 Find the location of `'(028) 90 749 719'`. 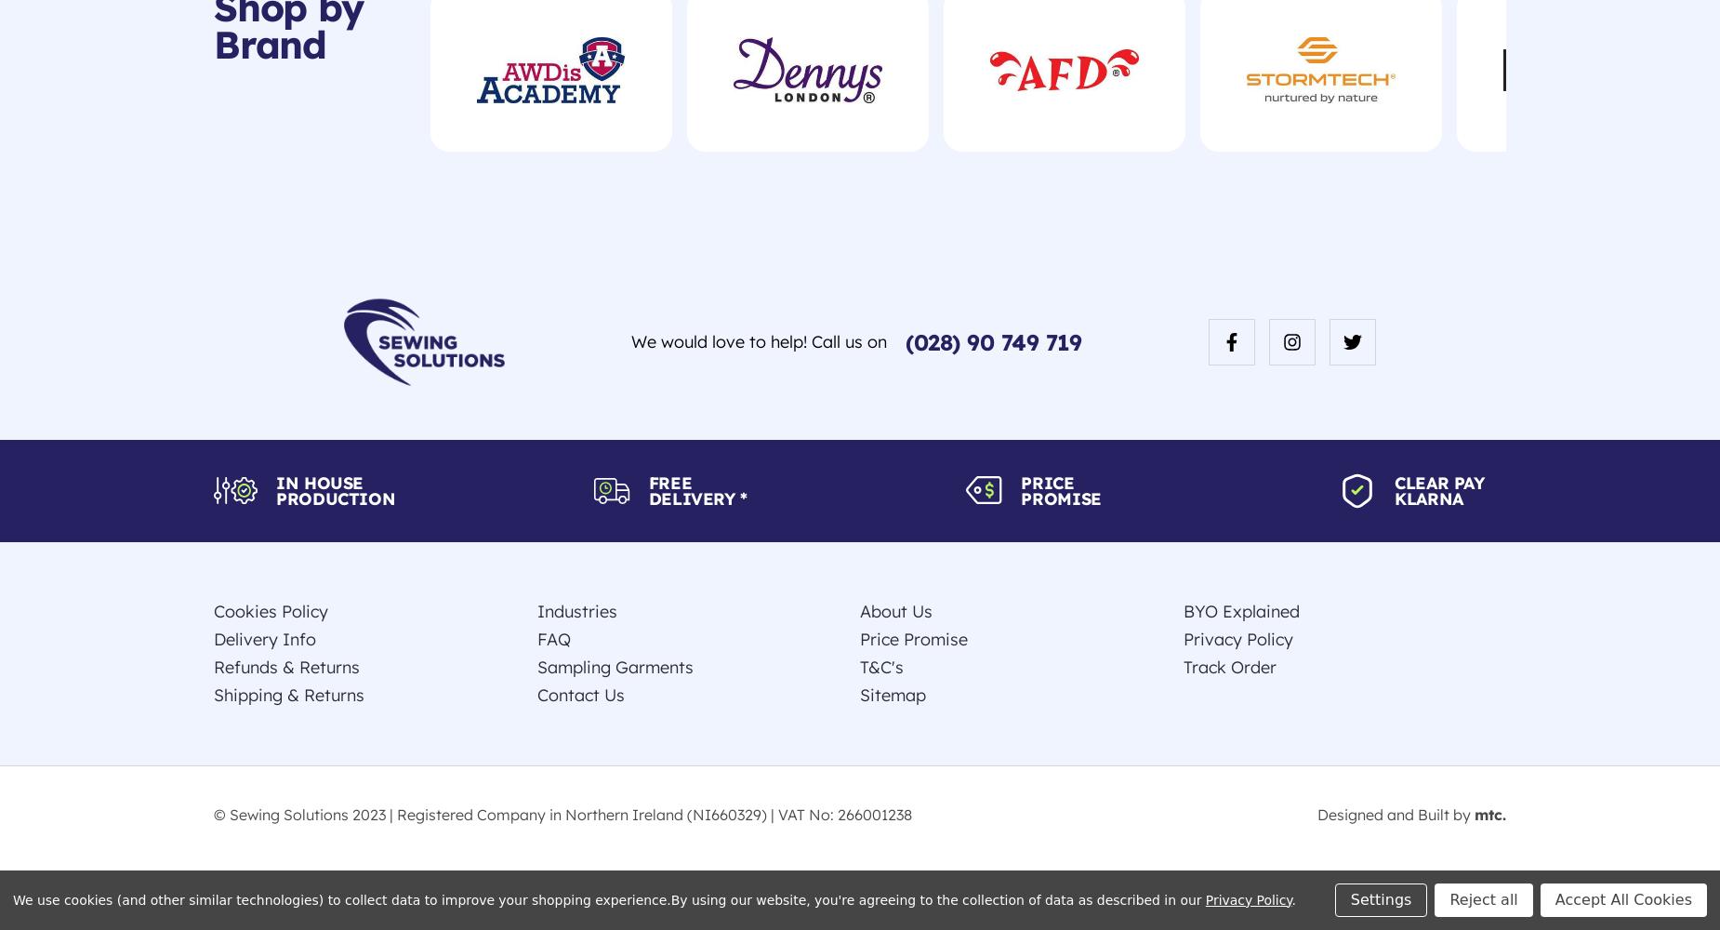

'(028) 90 749 719' is located at coordinates (992, 340).